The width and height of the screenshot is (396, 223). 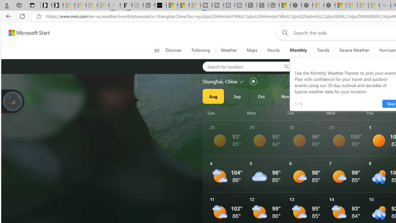 I want to click on 'Monthly', so click(x=298, y=50).